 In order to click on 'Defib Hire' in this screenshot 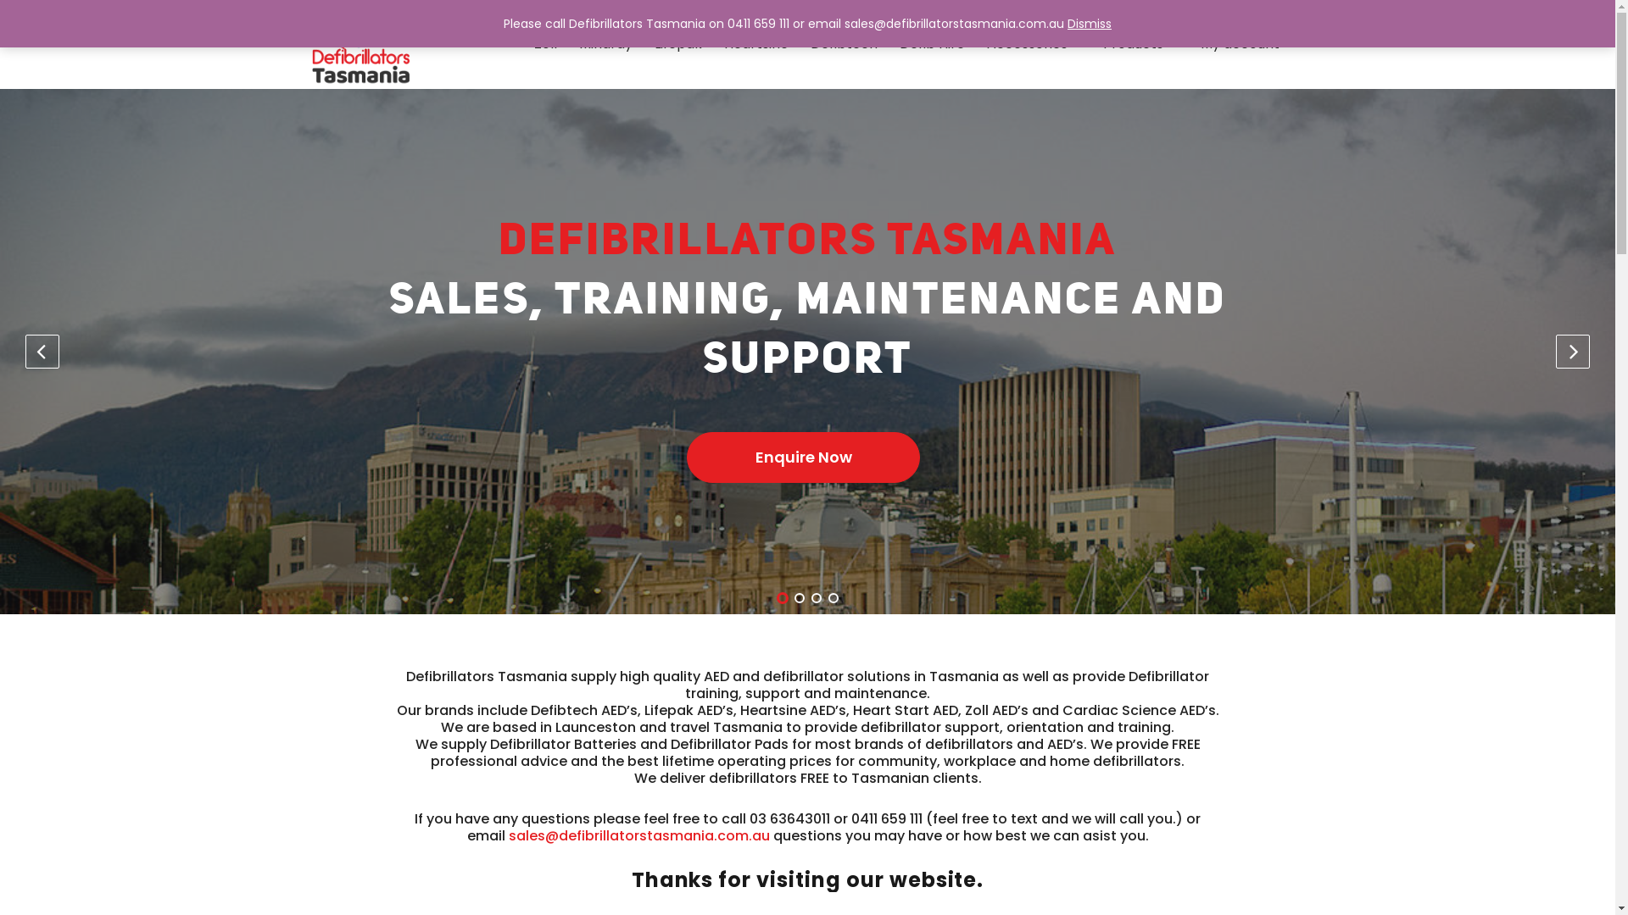, I will do `click(931, 42)`.